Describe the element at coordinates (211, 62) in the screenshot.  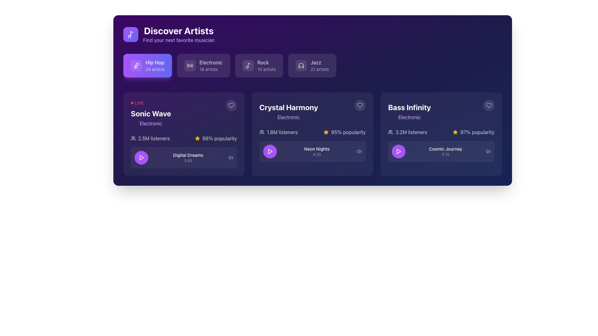
I see `the text label displaying 'Electronic' in white font color, located within the dark purple background in the 'Discover Artists' section, positioned between 'Hip Hop' and 'Rock' categories` at that location.